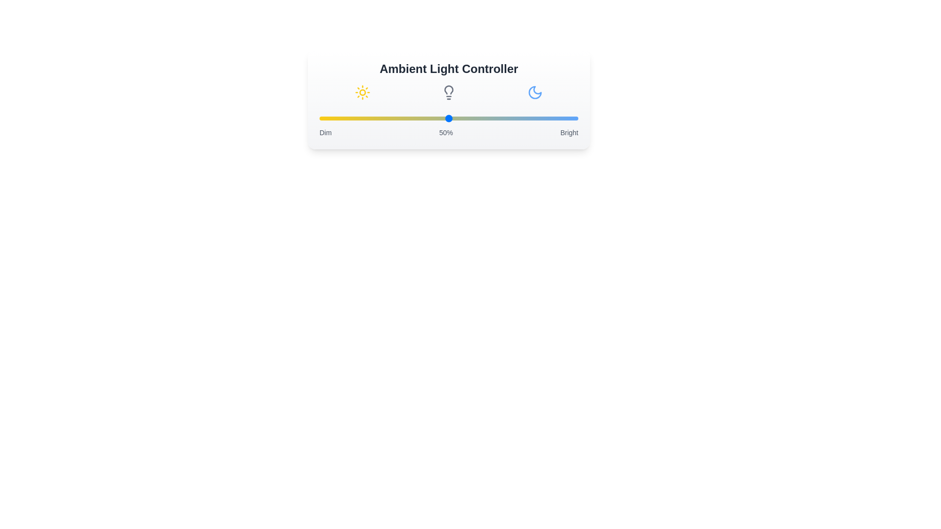 This screenshot has width=941, height=529. What do you see at coordinates (498, 118) in the screenshot?
I see `the light intensity to 69% by moving the slider` at bounding box center [498, 118].